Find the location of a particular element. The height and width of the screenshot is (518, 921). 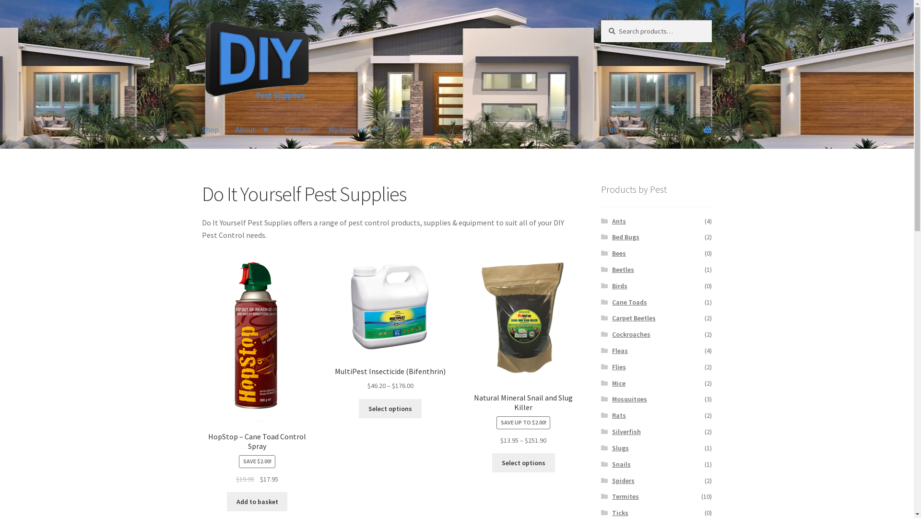

'Contact' is located at coordinates (298, 129).